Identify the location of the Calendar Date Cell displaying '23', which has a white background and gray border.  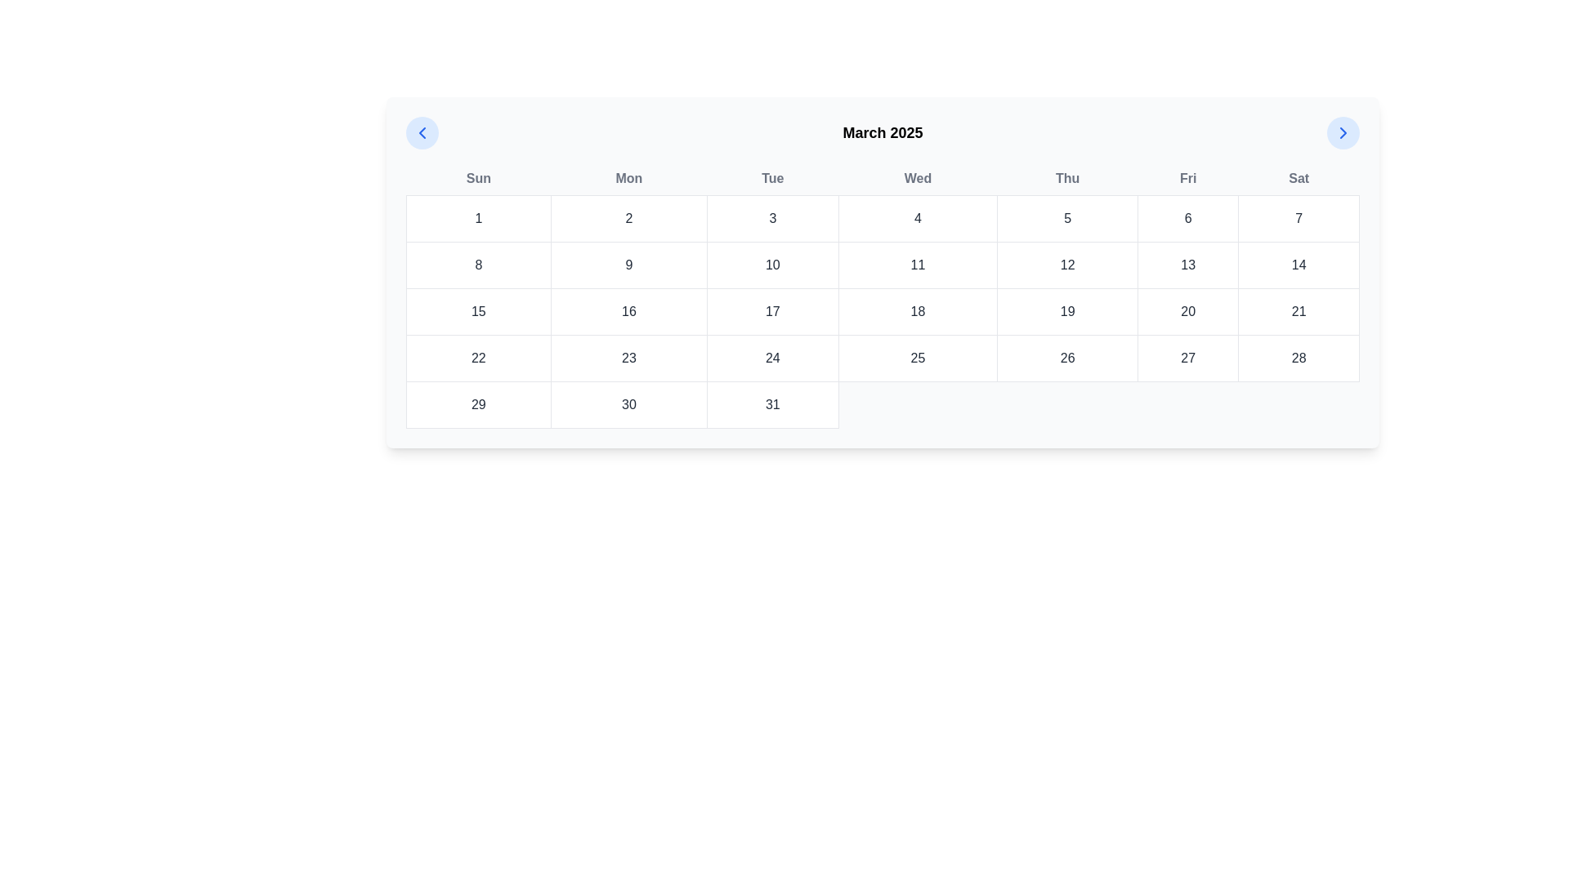
(628, 358).